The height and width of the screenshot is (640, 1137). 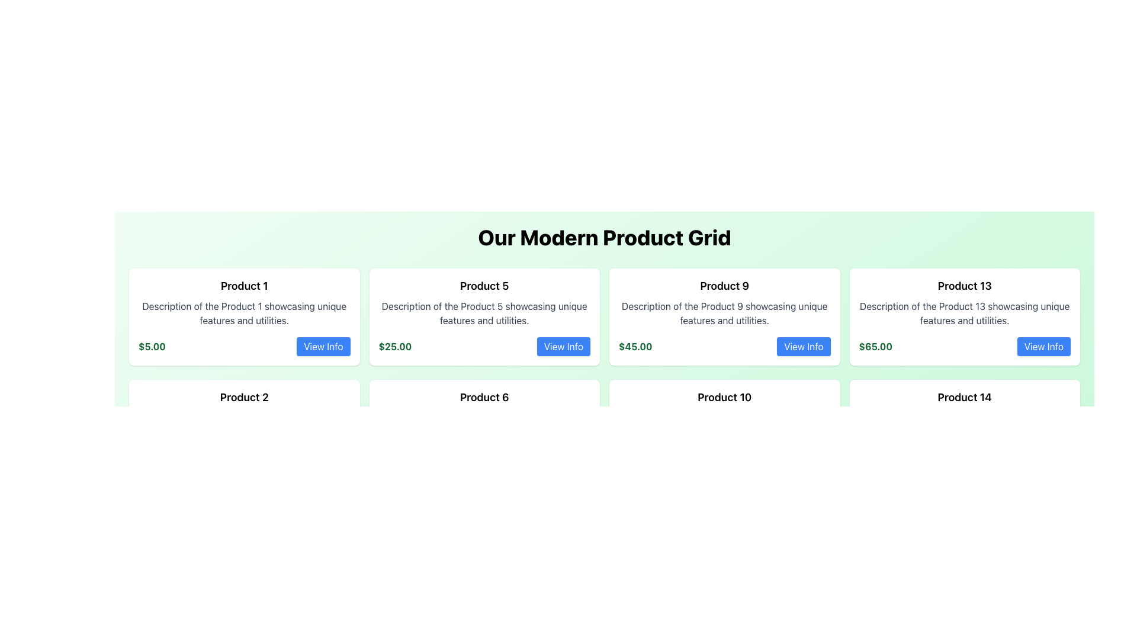 What do you see at coordinates (323, 347) in the screenshot?
I see `the blue rectangular button labeled 'View Info' located in the bottom-right corner of the first product card in the 'Our Modern Product Grid' section` at bounding box center [323, 347].